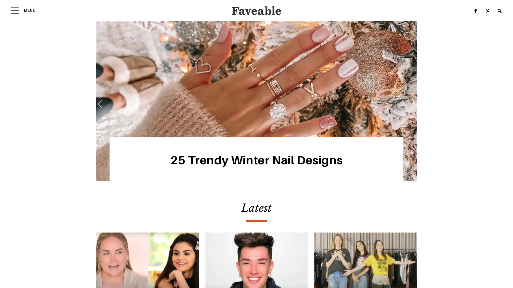 The image size is (513, 288). I want to click on MENU, so click(37, 10).